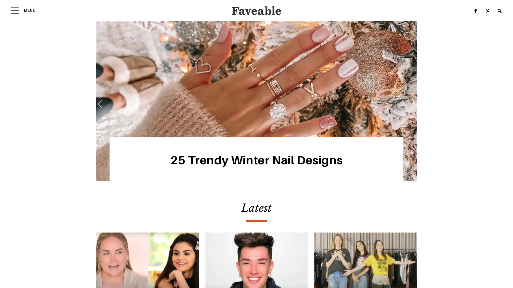 The image size is (513, 288). I want to click on MENU, so click(37, 10).